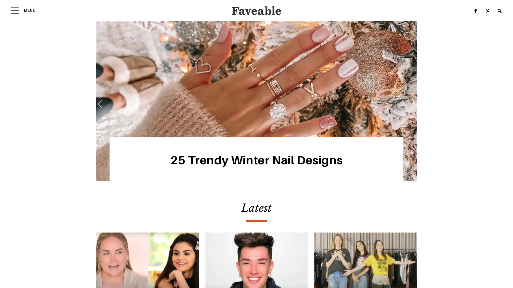 The image size is (513, 288). I want to click on MENU, so click(37, 10).